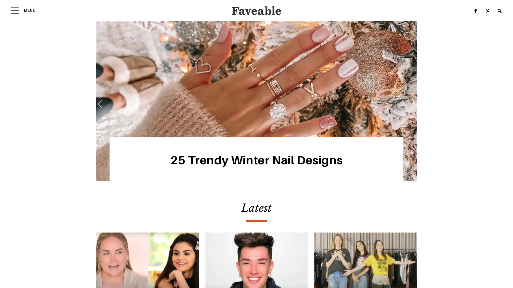 The image size is (513, 288). I want to click on MENU, so click(37, 10).